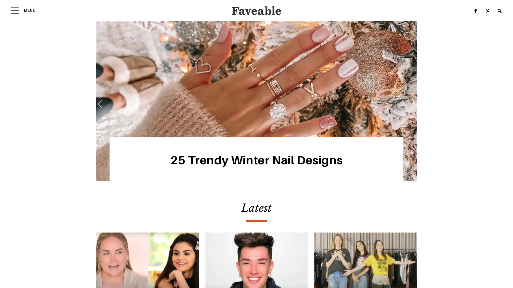 The image size is (513, 288). I want to click on MENU, so click(37, 10).